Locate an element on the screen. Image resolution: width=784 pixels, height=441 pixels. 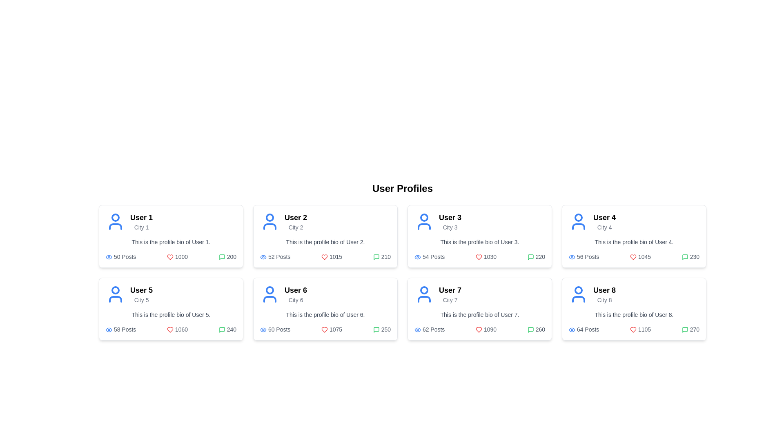
the text label displaying 'User 2', which is a bold, large font heading positioned above 'City 2' in the second card of the top row is located at coordinates (295, 217).